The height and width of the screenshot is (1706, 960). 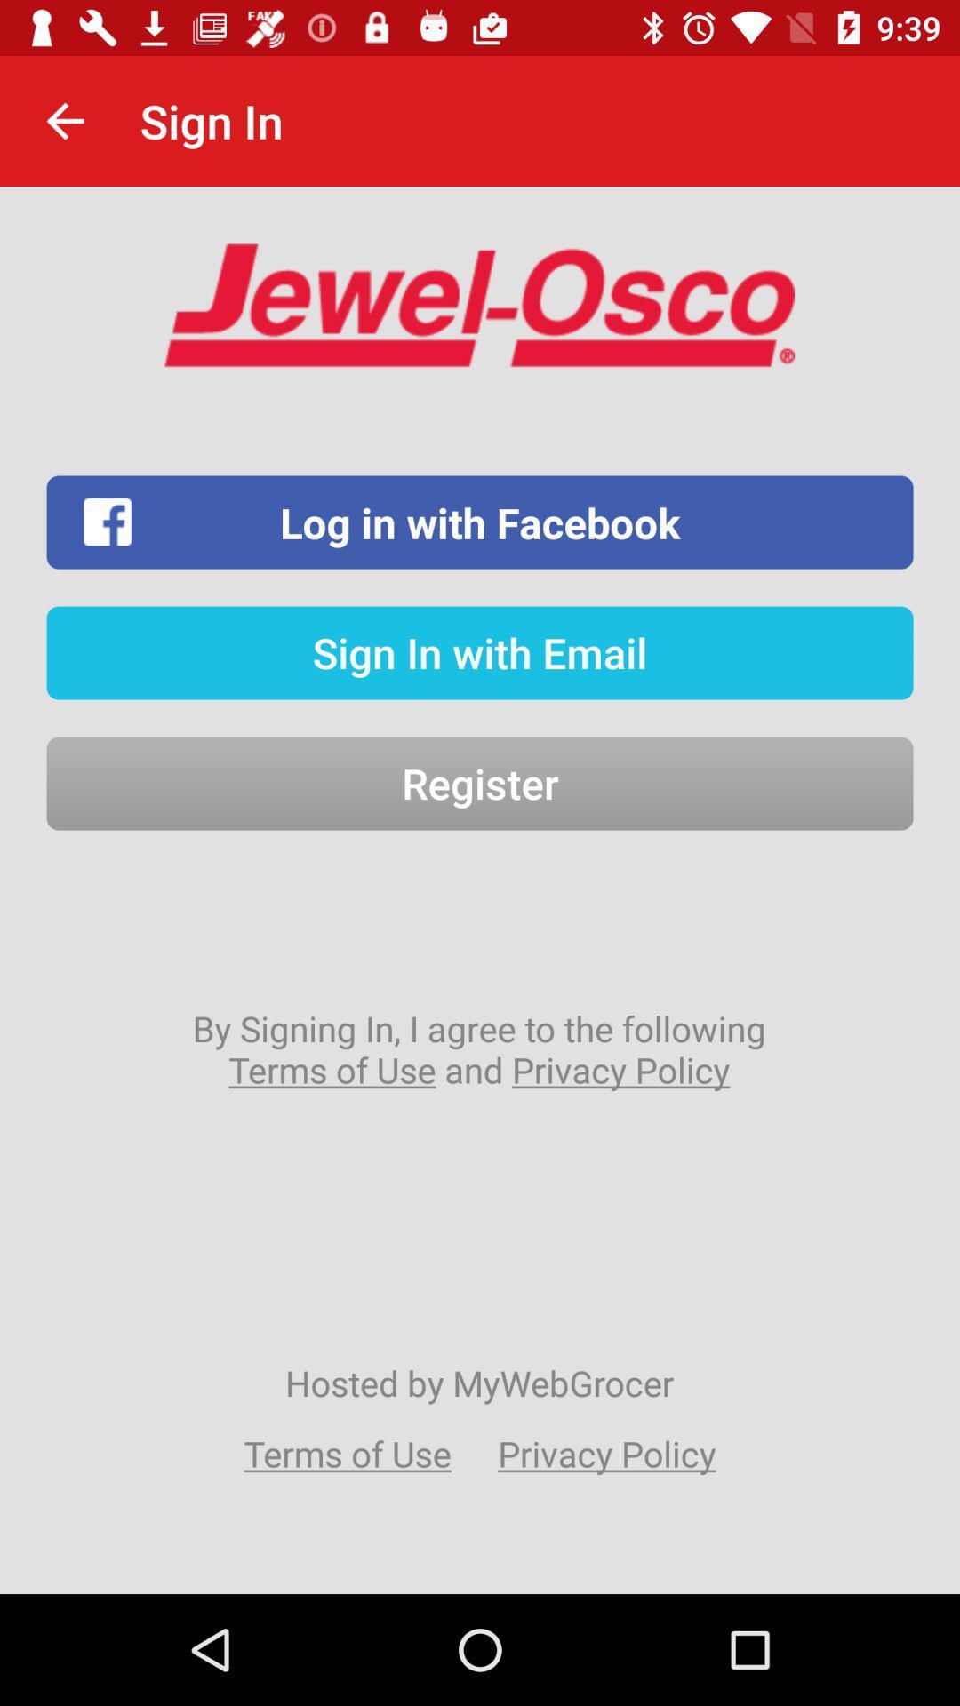 I want to click on register, so click(x=480, y=783).